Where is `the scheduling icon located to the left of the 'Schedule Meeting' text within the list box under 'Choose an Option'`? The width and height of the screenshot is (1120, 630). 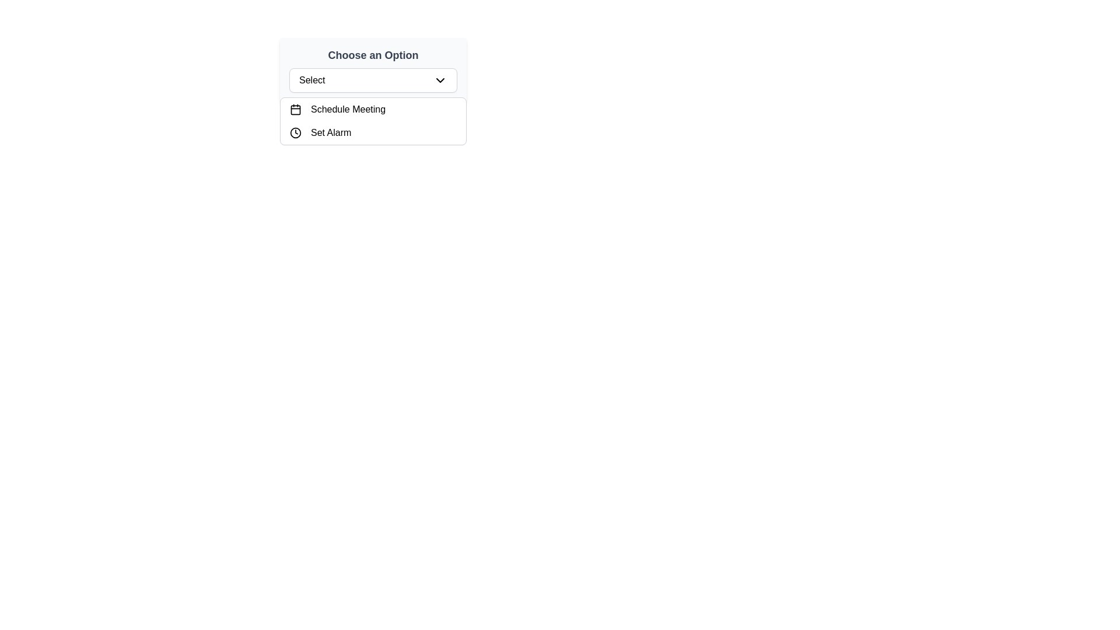
the scheduling icon located to the left of the 'Schedule Meeting' text within the list box under 'Choose an Option' is located at coordinates (296, 110).